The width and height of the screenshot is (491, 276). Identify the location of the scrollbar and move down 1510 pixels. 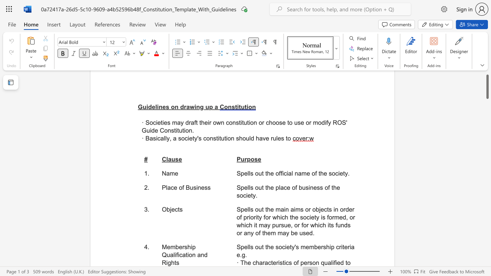
(487, 86).